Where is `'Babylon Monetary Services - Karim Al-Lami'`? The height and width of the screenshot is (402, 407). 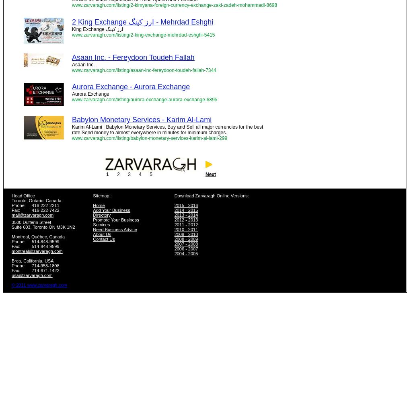
'Babylon Monetary Services - Karim Al-Lami' is located at coordinates (72, 120).